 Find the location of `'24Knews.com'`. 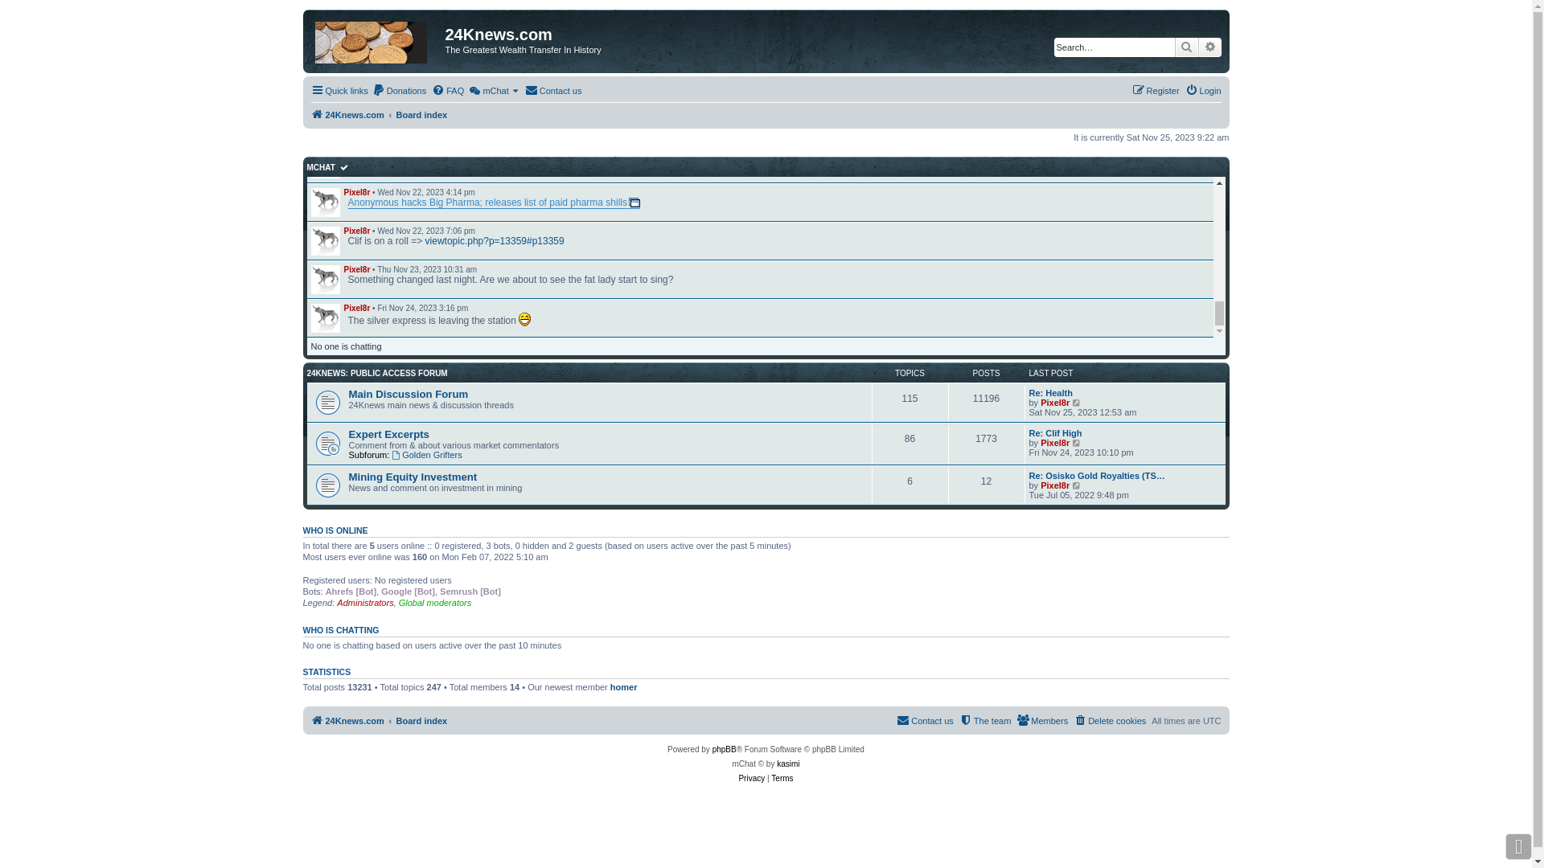

'24Knews.com' is located at coordinates (346, 113).